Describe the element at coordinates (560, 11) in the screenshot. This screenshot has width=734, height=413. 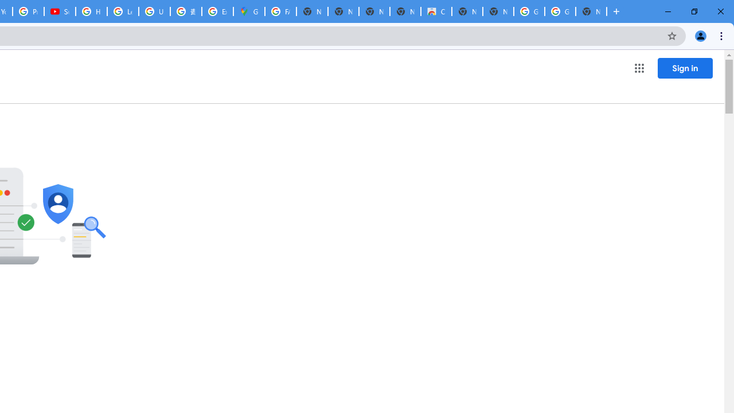
I see `'Google Images'` at that location.